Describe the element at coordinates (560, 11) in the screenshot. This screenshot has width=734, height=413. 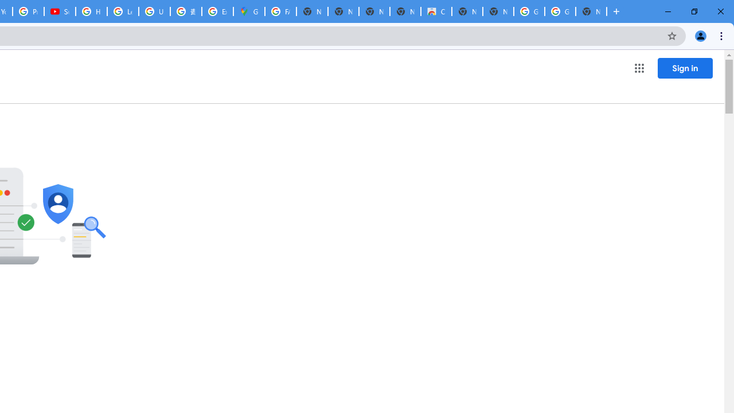
I see `'Google Images'` at that location.